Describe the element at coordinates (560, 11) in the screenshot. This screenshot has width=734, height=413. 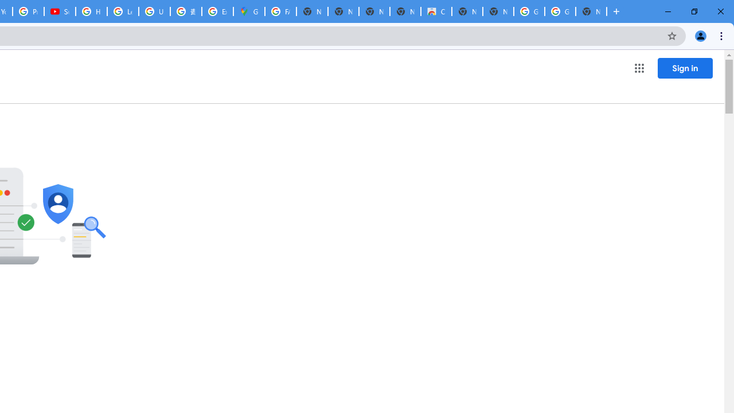
I see `'Google Images'` at that location.